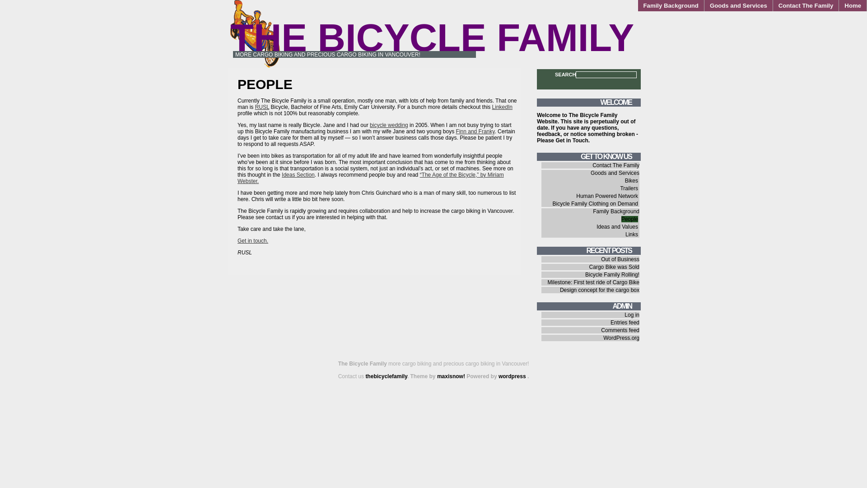  What do you see at coordinates (631, 234) in the screenshot?
I see `'Links'` at bounding box center [631, 234].